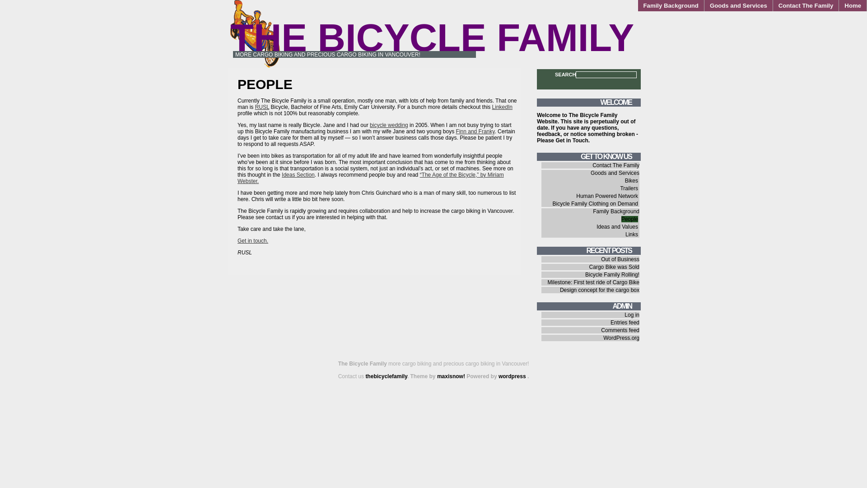  What do you see at coordinates (631, 234) in the screenshot?
I see `'Links'` at bounding box center [631, 234].